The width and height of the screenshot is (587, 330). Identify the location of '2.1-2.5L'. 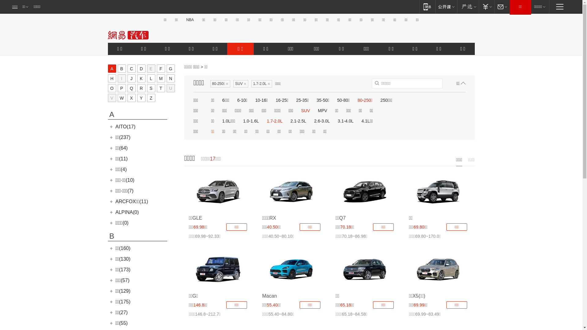
(298, 121).